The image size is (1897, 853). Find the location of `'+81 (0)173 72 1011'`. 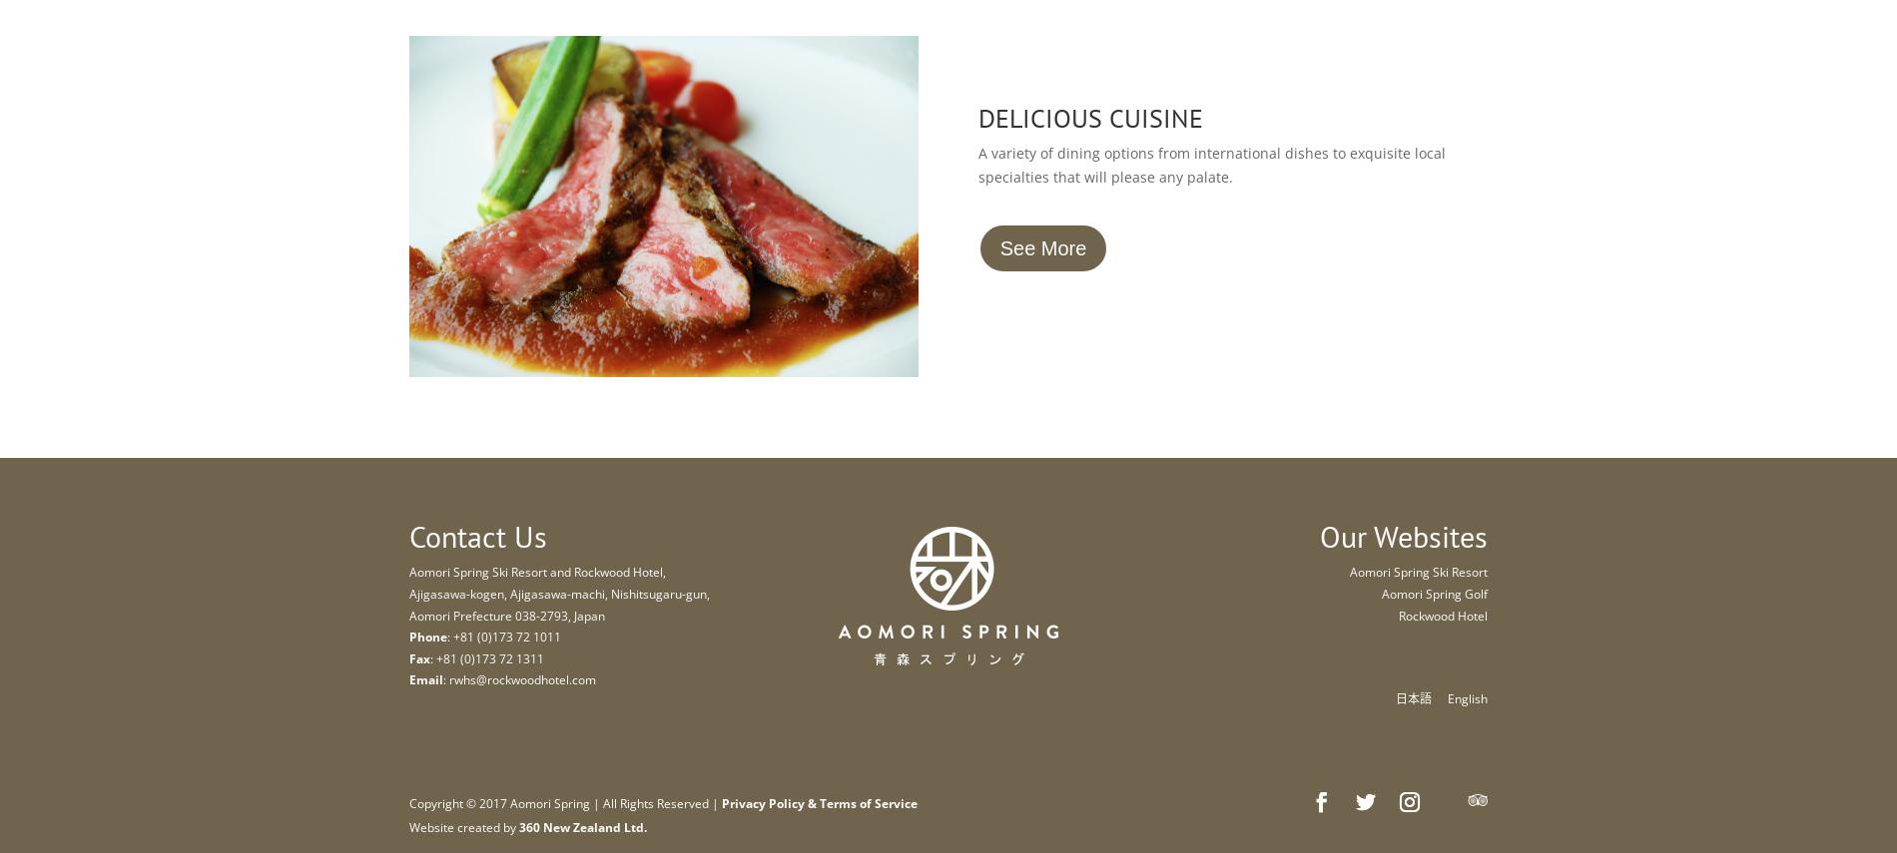

'+81 (0)173 72 1011' is located at coordinates (507, 636).